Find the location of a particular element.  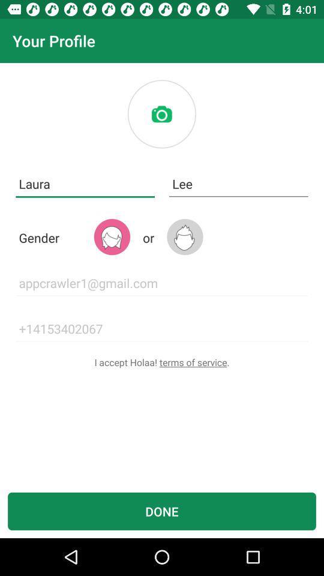

item above the laura item is located at coordinates (161, 114).